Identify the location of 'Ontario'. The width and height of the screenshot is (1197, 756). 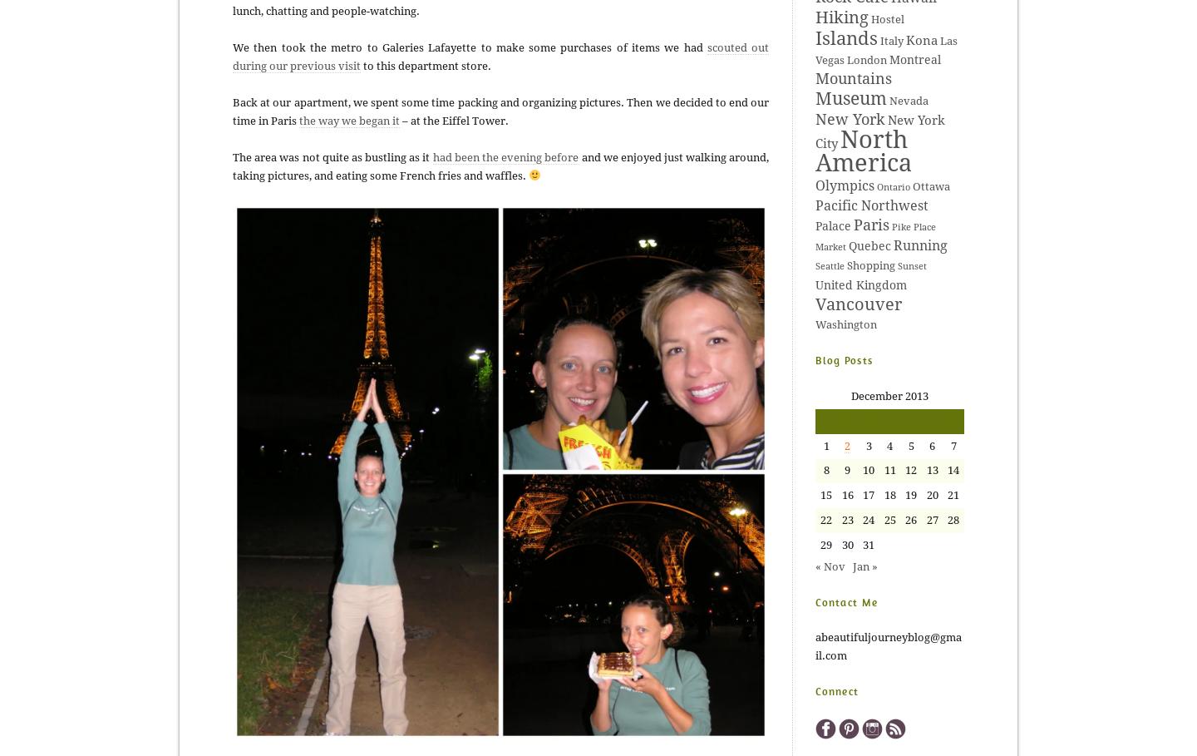
(893, 186).